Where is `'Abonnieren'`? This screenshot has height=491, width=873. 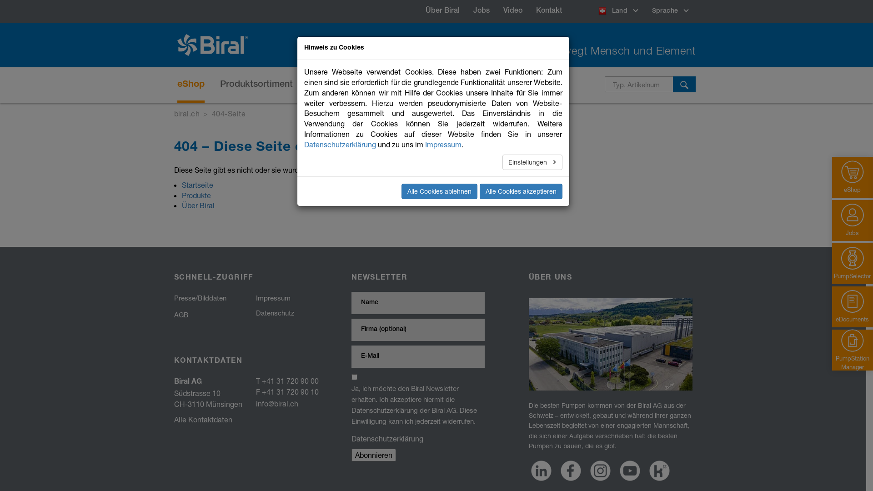
'Abonnieren' is located at coordinates (373, 455).